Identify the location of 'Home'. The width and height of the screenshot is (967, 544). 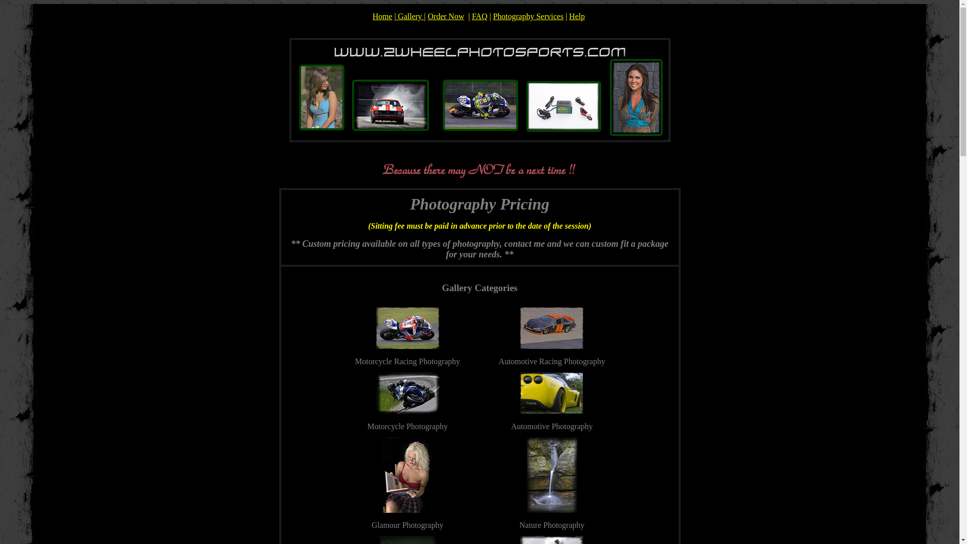
(382, 16).